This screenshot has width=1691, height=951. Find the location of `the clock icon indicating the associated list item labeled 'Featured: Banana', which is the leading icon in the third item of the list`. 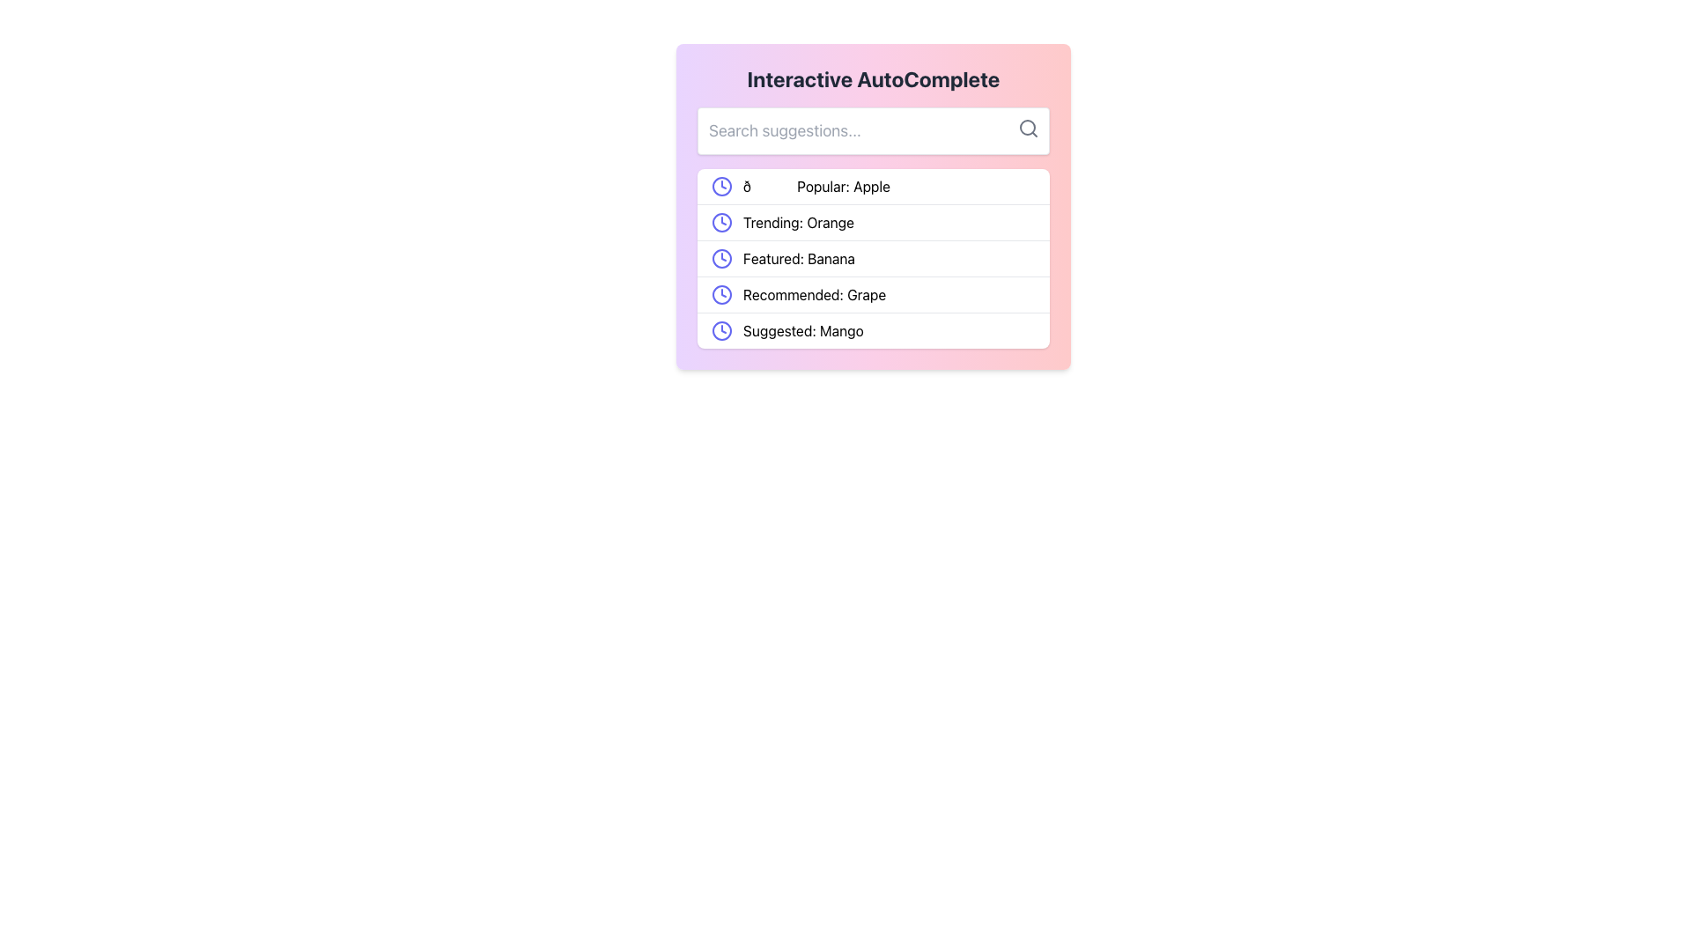

the clock icon indicating the associated list item labeled 'Featured: Banana', which is the leading icon in the third item of the list is located at coordinates (722, 258).